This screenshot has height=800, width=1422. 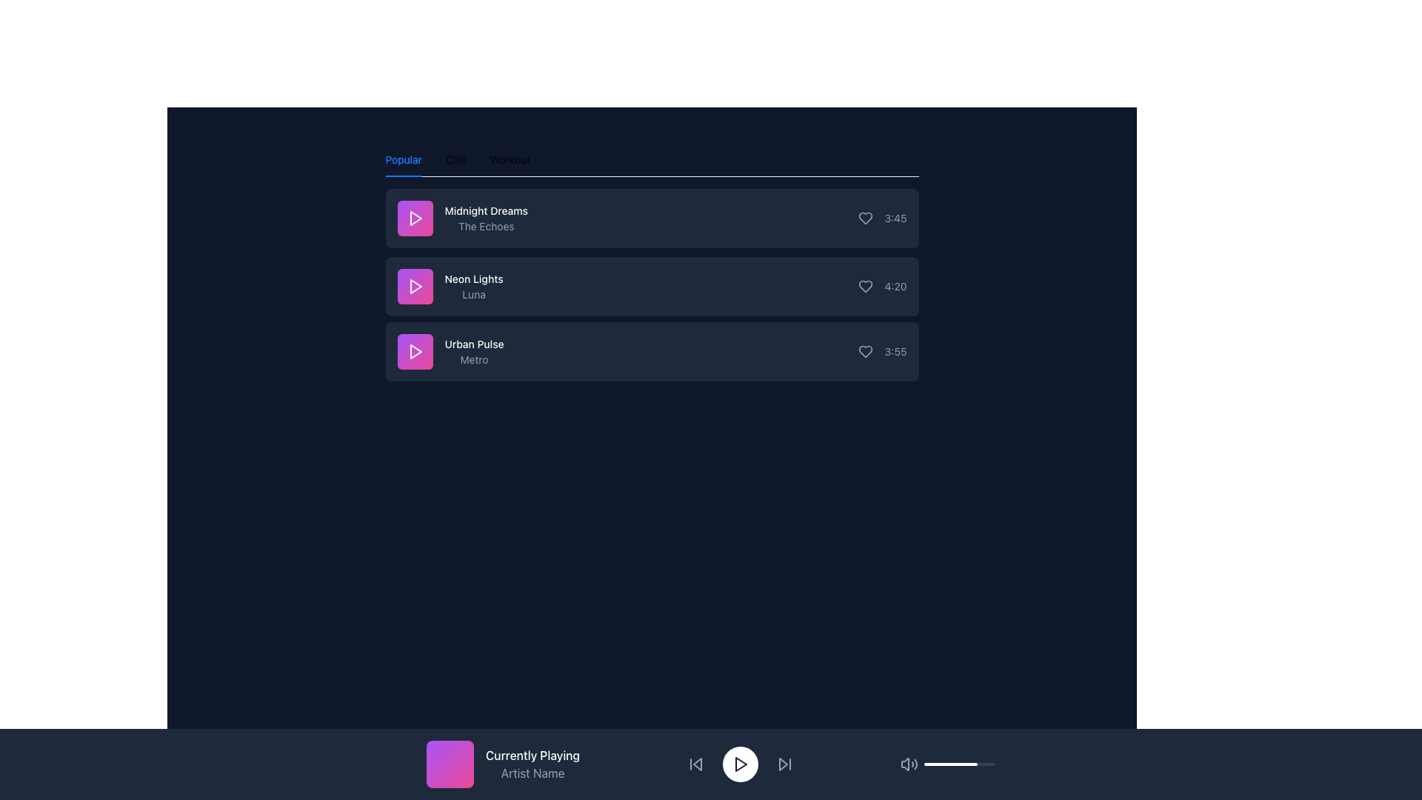 I want to click on the 'Urban Pulse' playlist item, which features a white text heading and a gradient-colored icon with a play symbol, so click(x=450, y=351).